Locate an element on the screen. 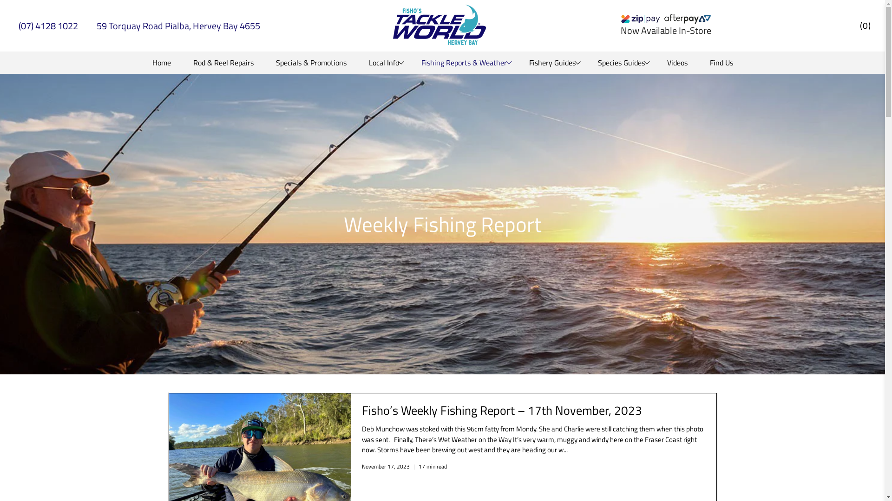 Image resolution: width=892 pixels, height=501 pixels. '(0)' is located at coordinates (865, 25).